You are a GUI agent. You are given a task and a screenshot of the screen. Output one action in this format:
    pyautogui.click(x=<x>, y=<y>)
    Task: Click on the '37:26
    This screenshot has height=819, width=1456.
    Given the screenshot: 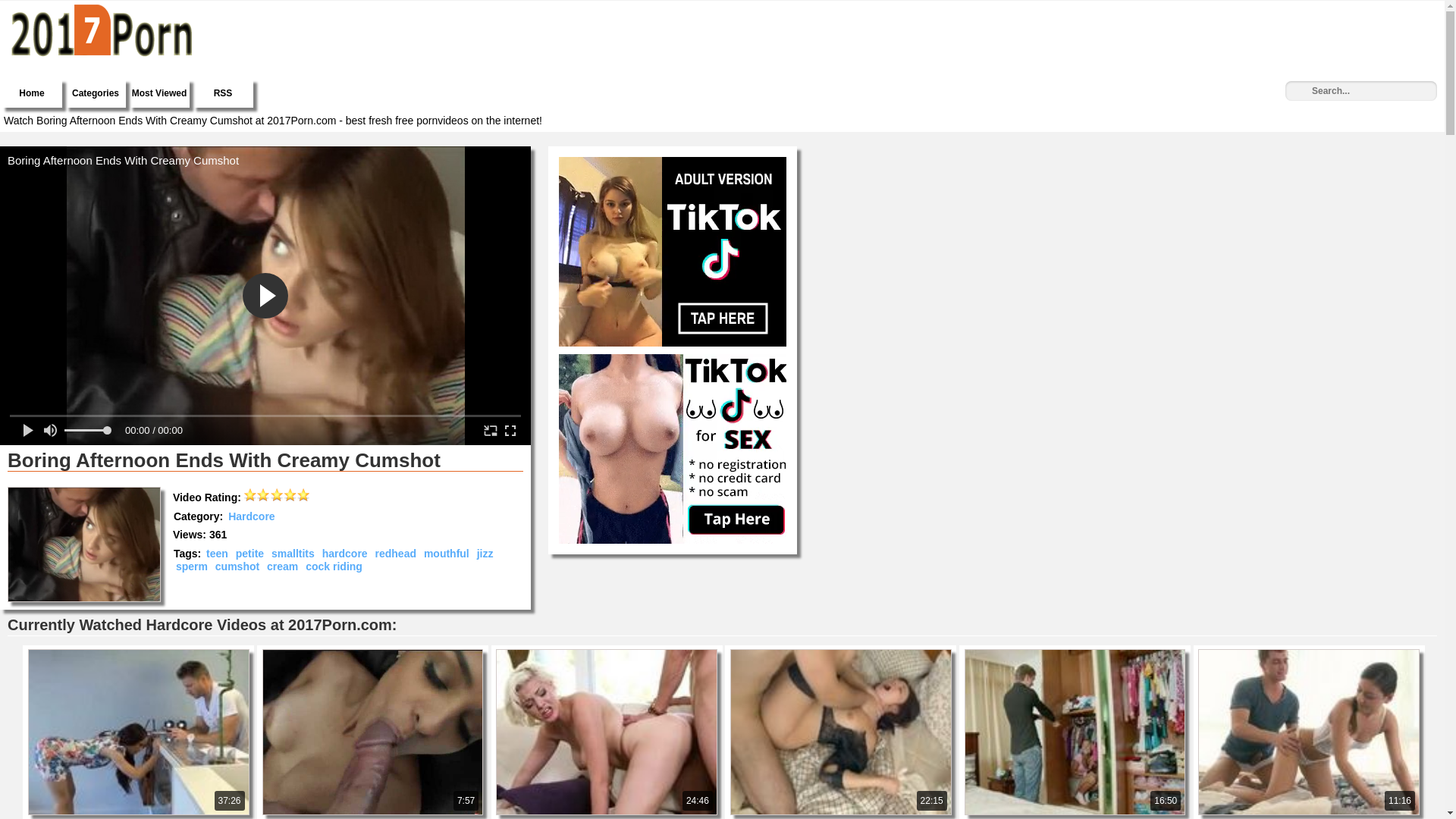 What is the action you would take?
    pyautogui.click(x=140, y=651)
    